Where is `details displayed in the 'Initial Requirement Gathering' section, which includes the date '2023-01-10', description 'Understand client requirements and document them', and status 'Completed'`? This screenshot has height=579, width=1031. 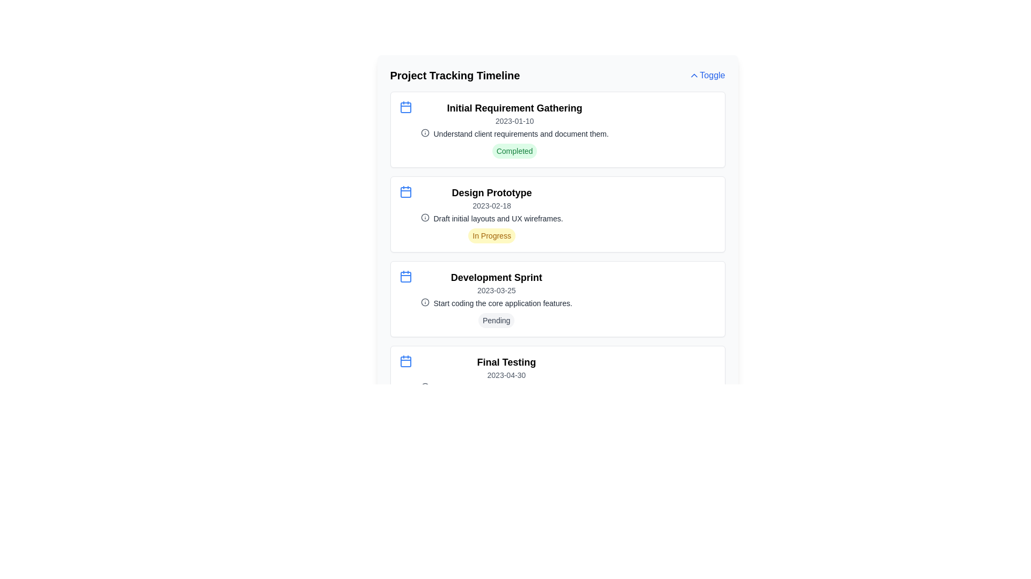
details displayed in the 'Initial Requirement Gathering' section, which includes the date '2023-01-10', description 'Understand client requirements and document them', and status 'Completed' is located at coordinates (514, 129).